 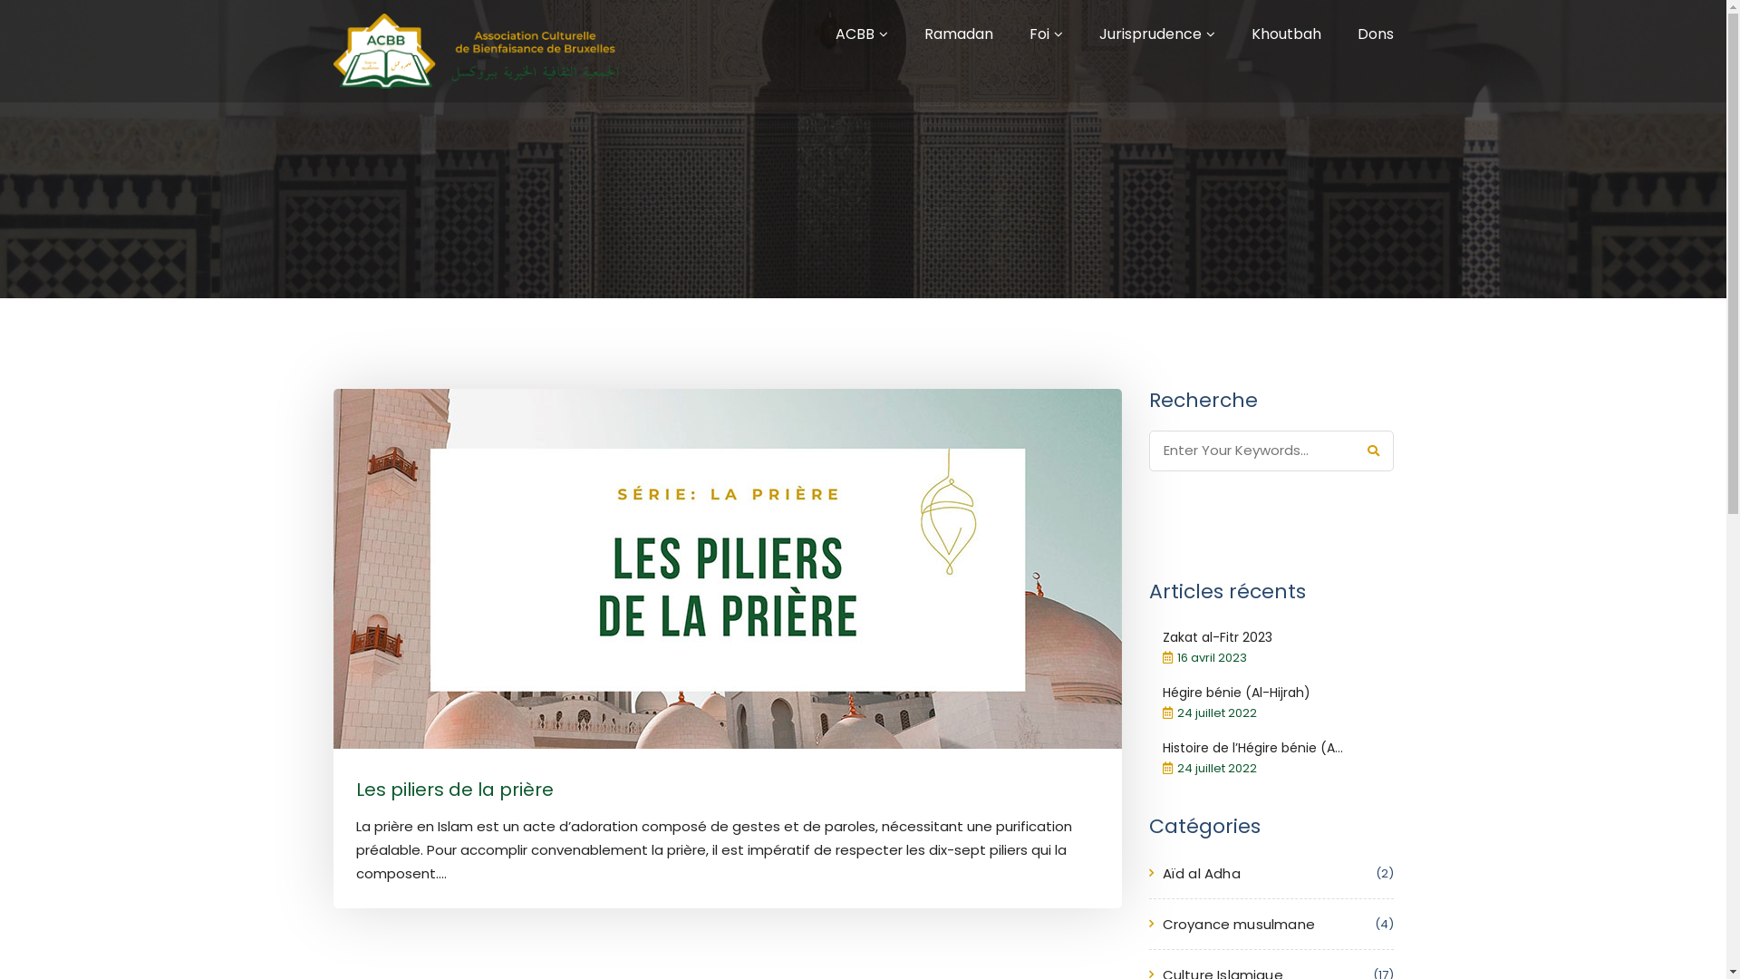 I want to click on 'Ramadan', so click(x=957, y=34).